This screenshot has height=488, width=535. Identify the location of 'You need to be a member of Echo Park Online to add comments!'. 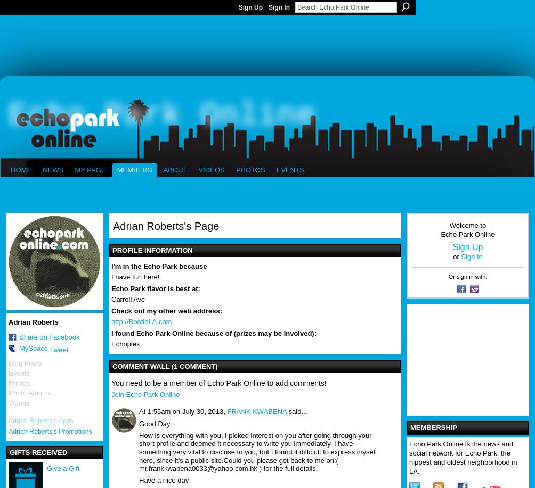
(218, 383).